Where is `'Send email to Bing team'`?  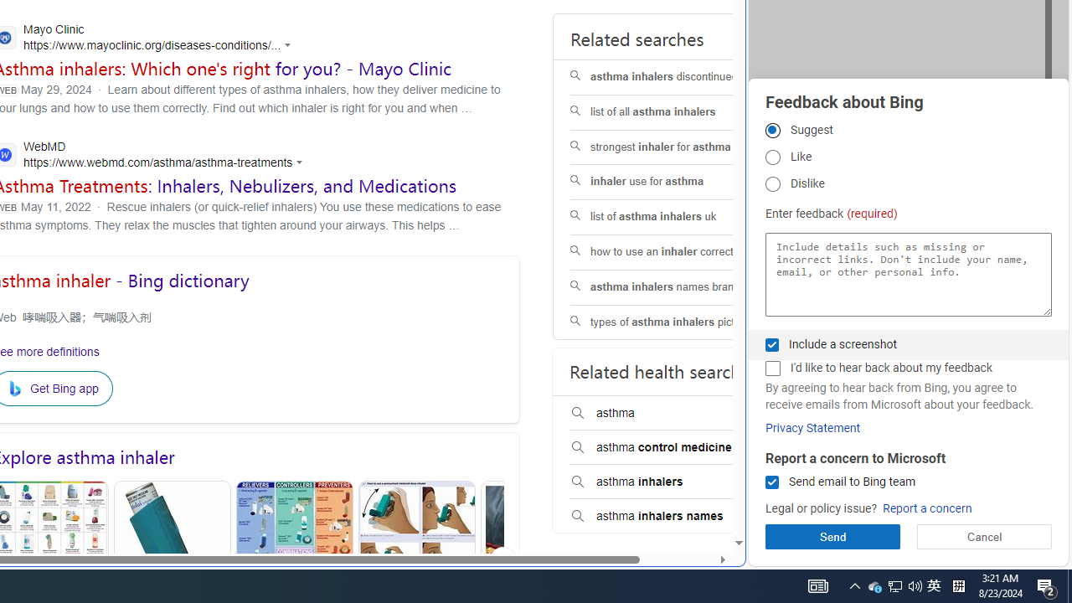
'Send email to Bing team' is located at coordinates (771, 482).